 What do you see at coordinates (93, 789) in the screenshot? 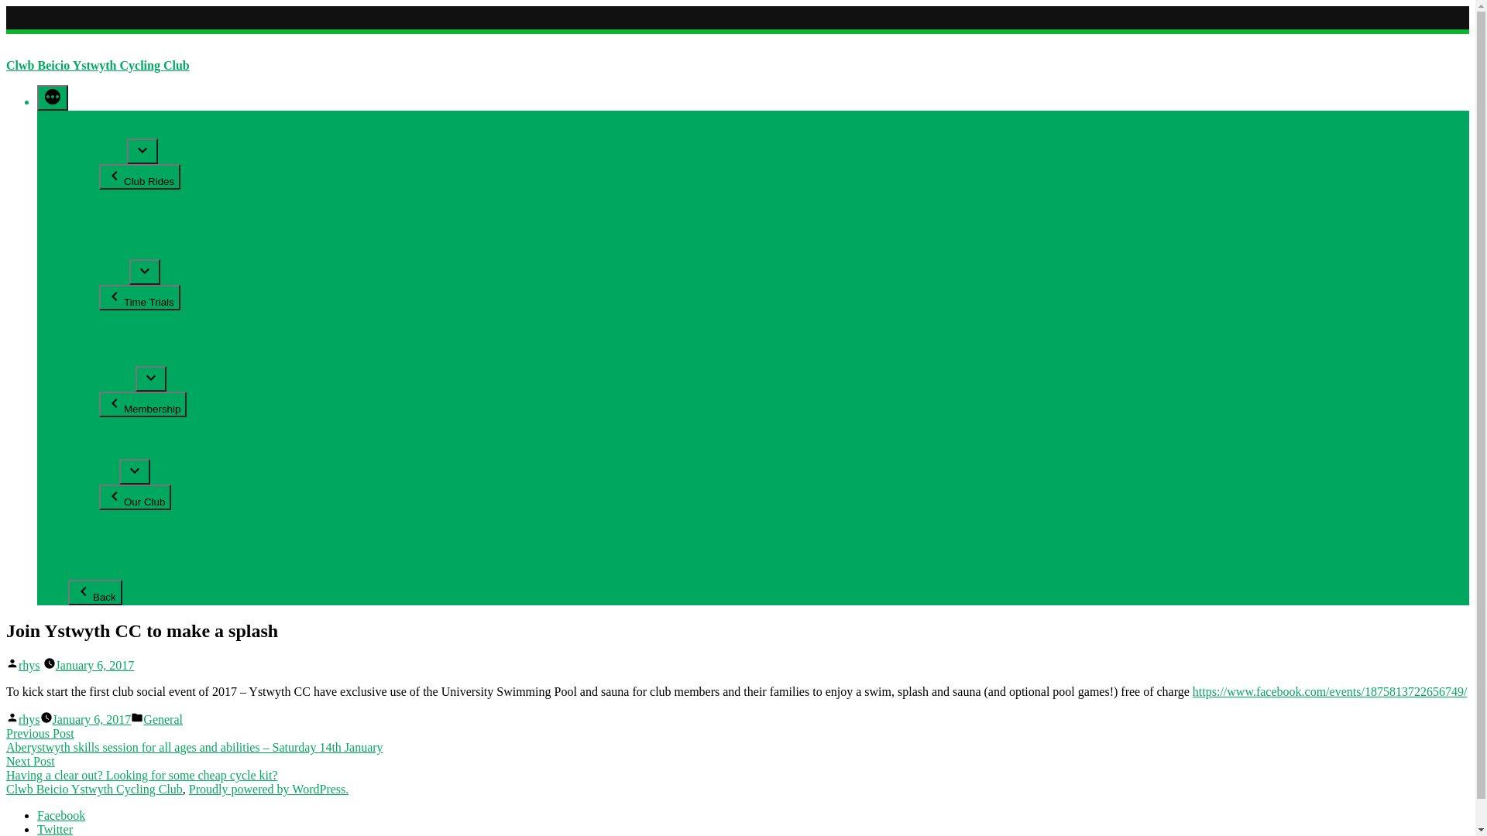
I see `'Clwb Beicio Ystwyth Cycling Club'` at bounding box center [93, 789].